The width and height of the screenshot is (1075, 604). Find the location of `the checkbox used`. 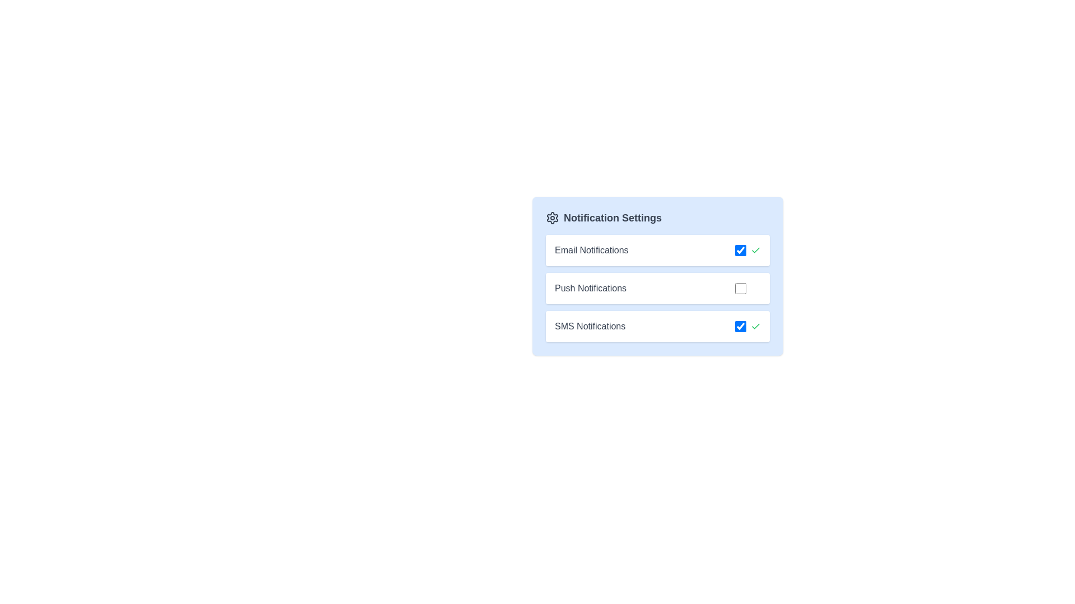

the checkbox used is located at coordinates (741, 326).